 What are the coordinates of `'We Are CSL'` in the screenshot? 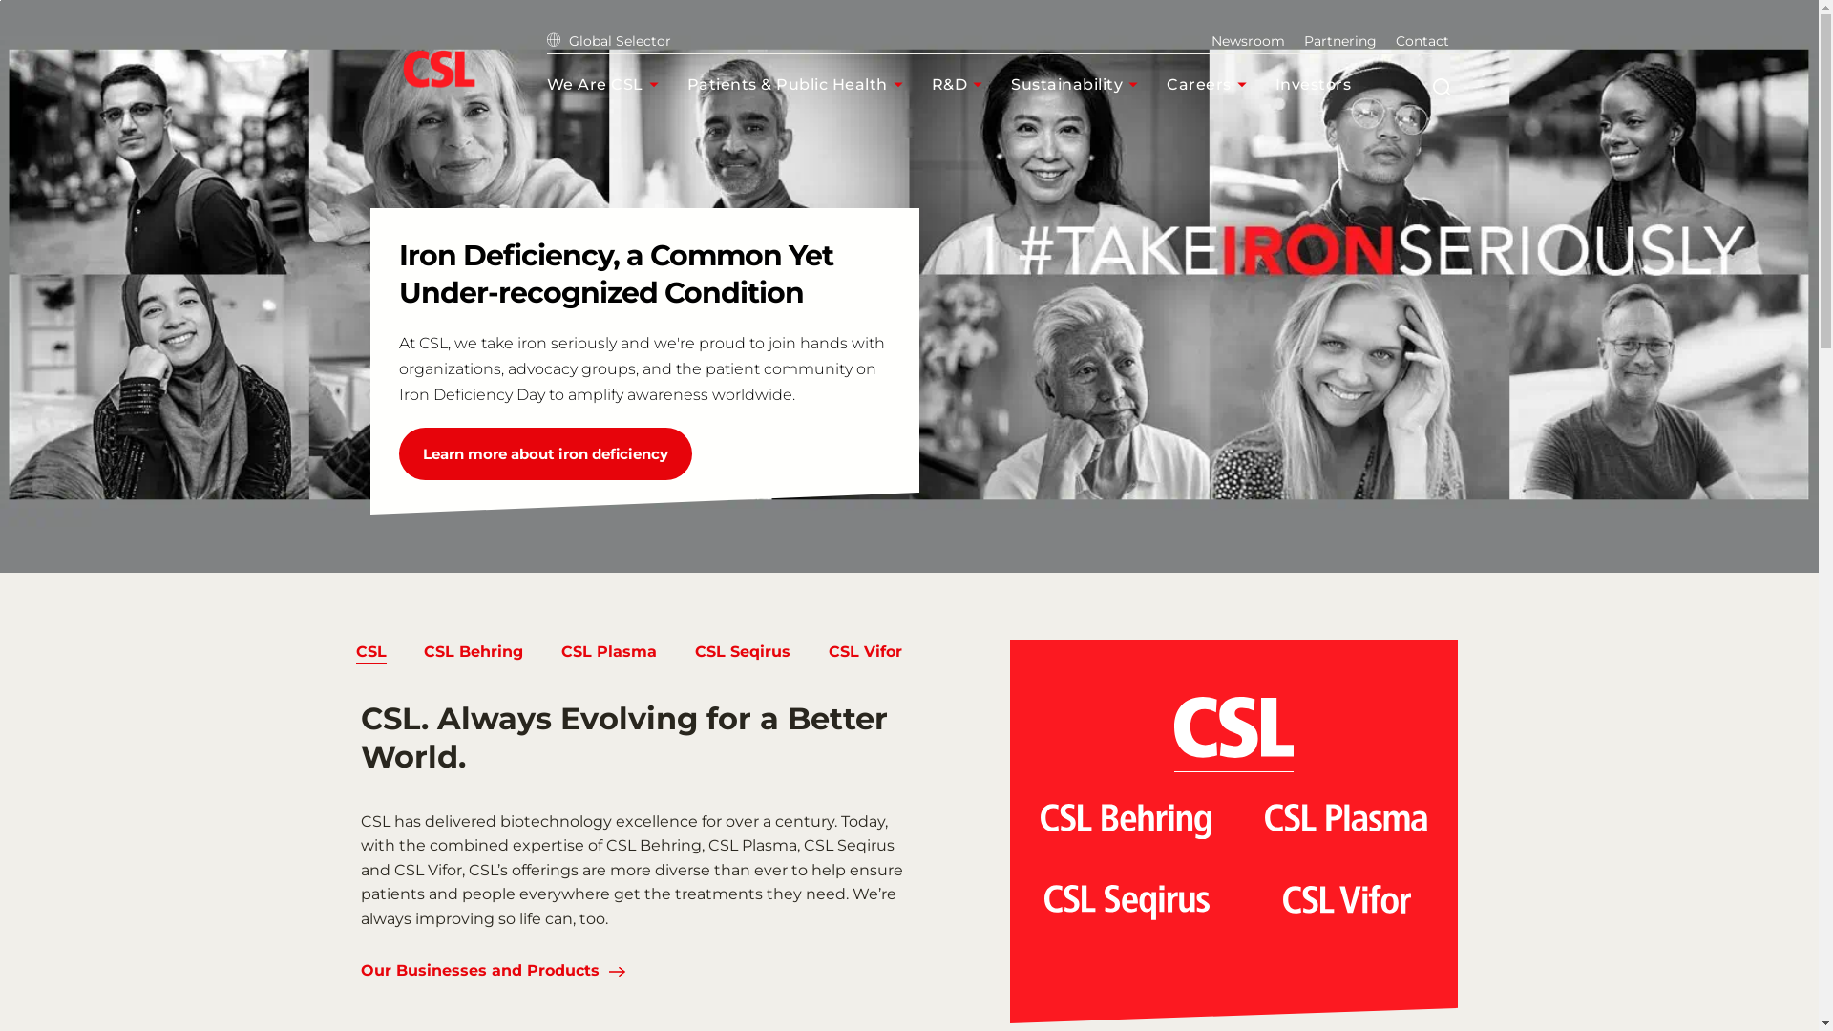 It's located at (605, 83).